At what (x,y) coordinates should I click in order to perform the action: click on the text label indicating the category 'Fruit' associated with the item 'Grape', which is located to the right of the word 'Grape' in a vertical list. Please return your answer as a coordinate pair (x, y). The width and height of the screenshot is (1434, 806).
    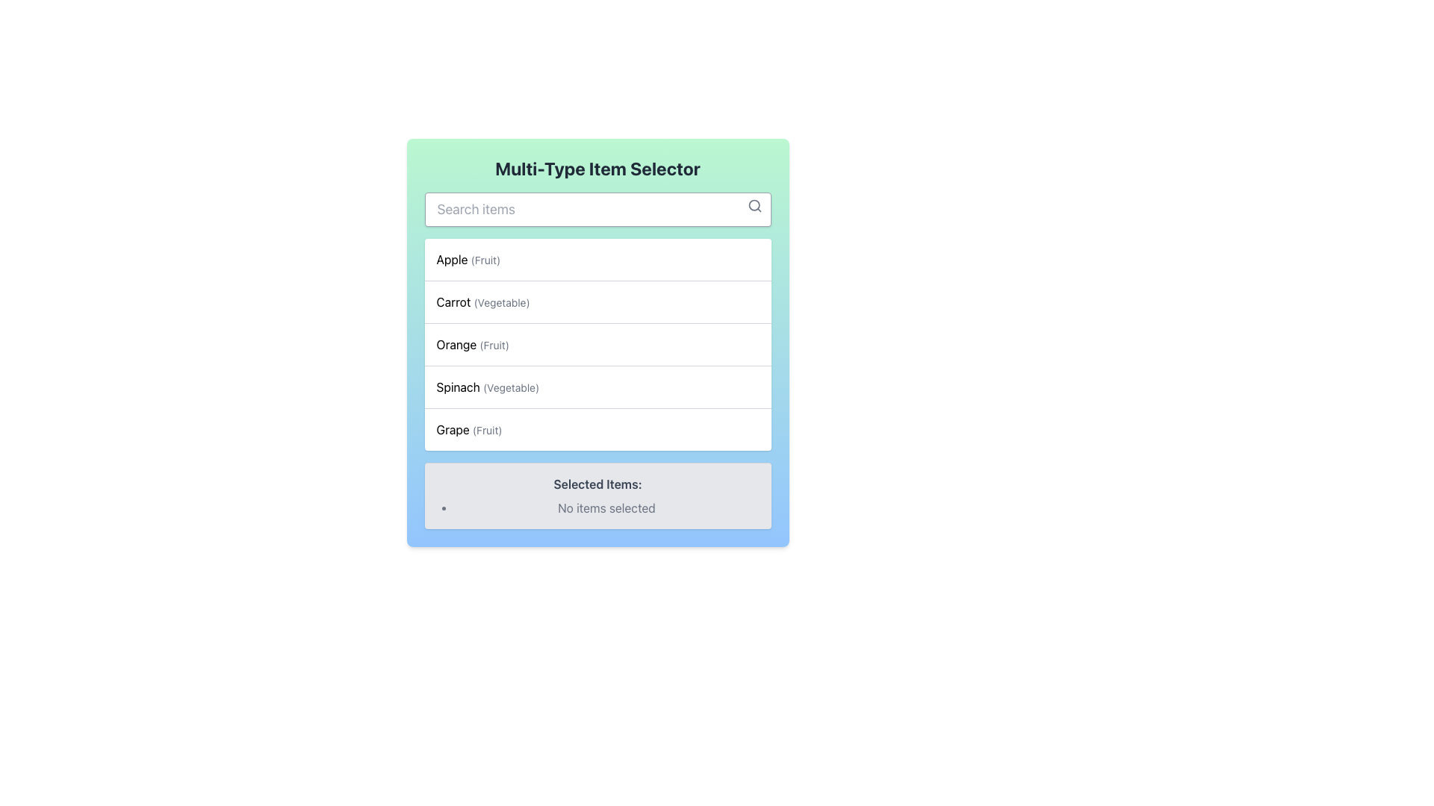
    Looking at the image, I should click on (487, 430).